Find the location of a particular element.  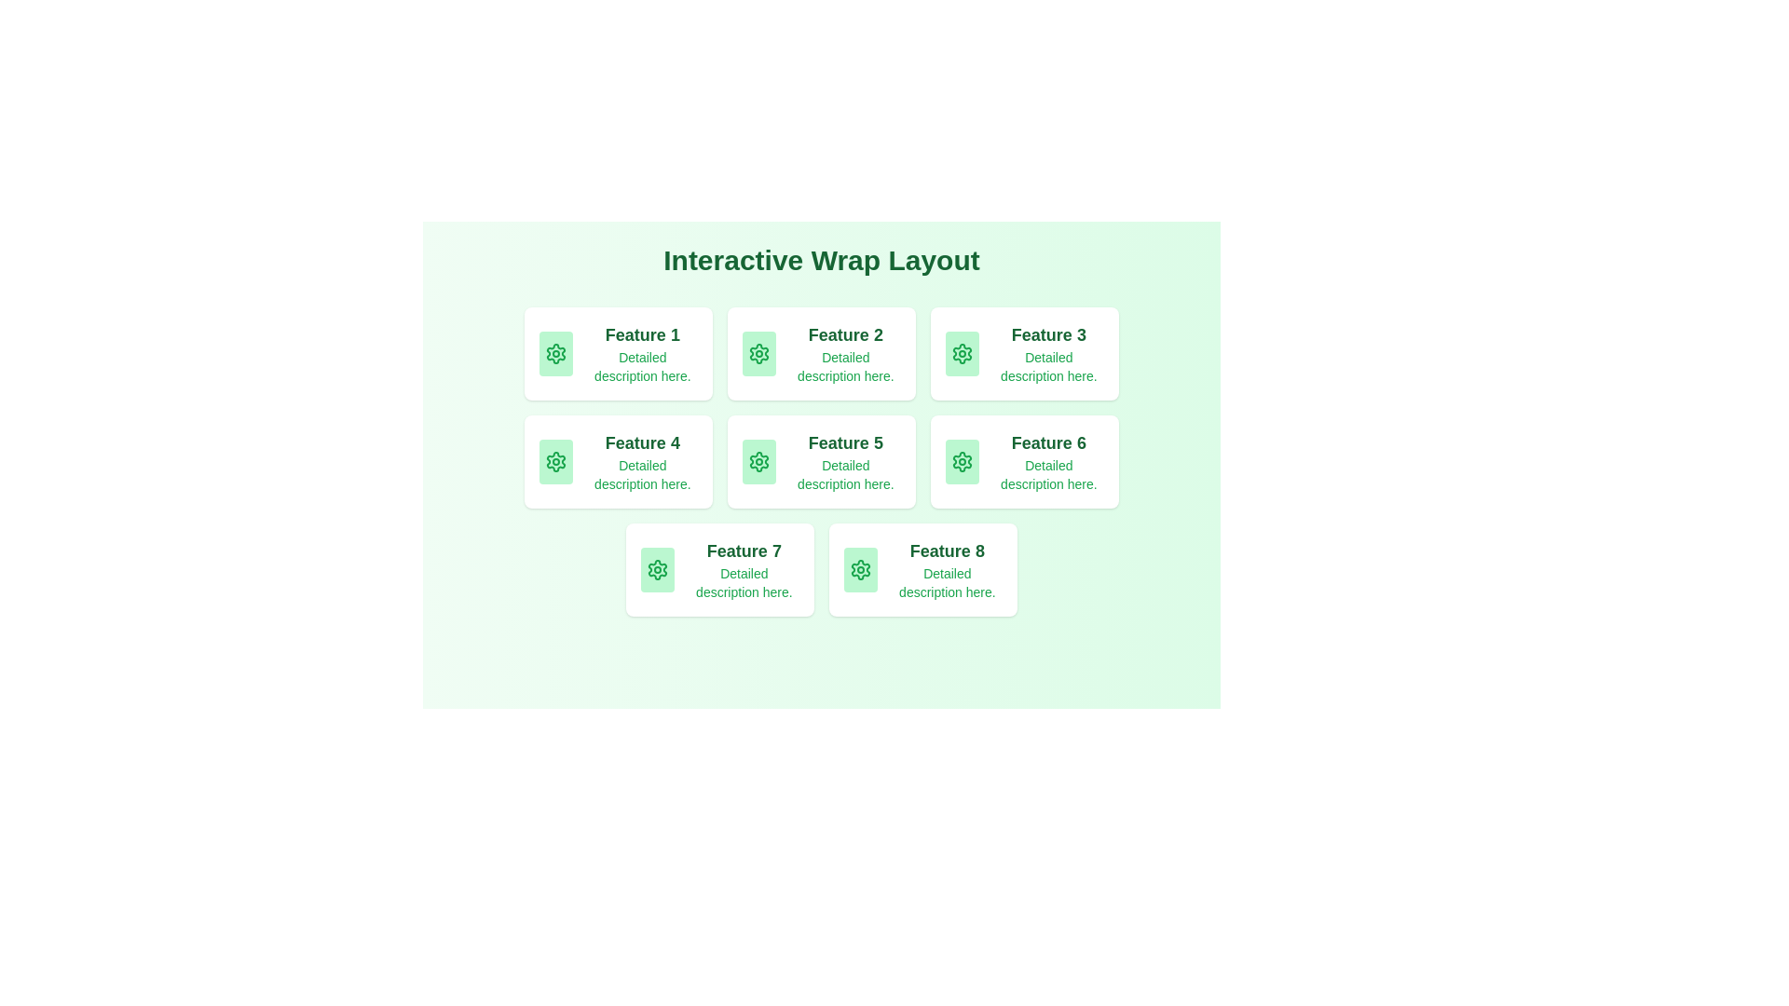

the green gear icon with a hollow circular center located in the 'Feature 5' box, which is in the second row and middle column of the grid is located at coordinates (758, 461).